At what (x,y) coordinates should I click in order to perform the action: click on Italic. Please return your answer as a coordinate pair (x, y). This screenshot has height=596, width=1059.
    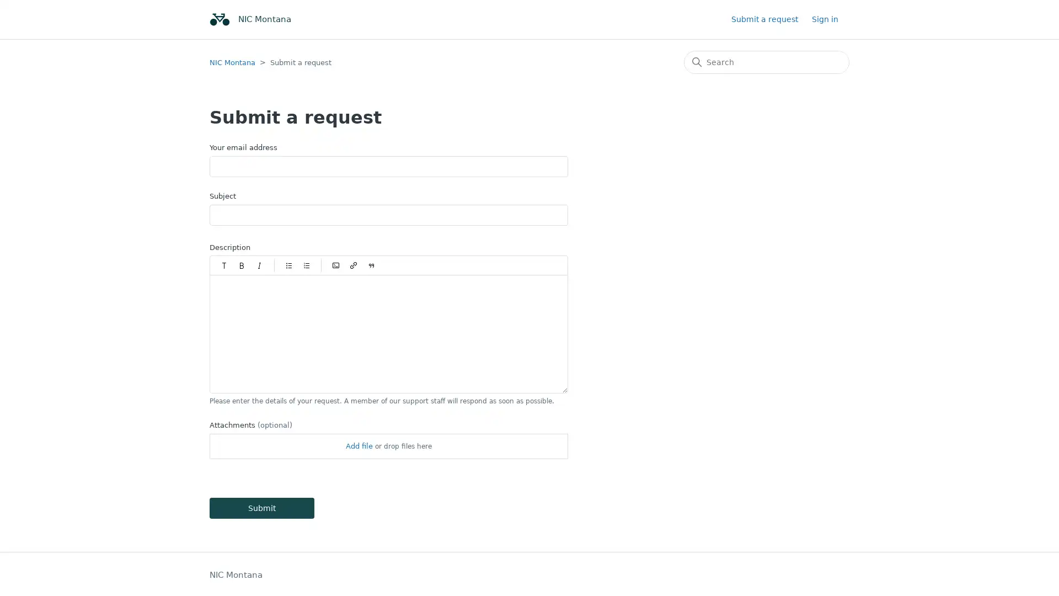
    Looking at the image, I should click on (259, 265).